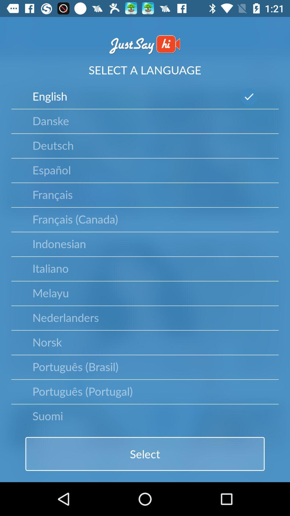 The width and height of the screenshot is (290, 516). What do you see at coordinates (249, 97) in the screenshot?
I see `the item to the right of english item` at bounding box center [249, 97].